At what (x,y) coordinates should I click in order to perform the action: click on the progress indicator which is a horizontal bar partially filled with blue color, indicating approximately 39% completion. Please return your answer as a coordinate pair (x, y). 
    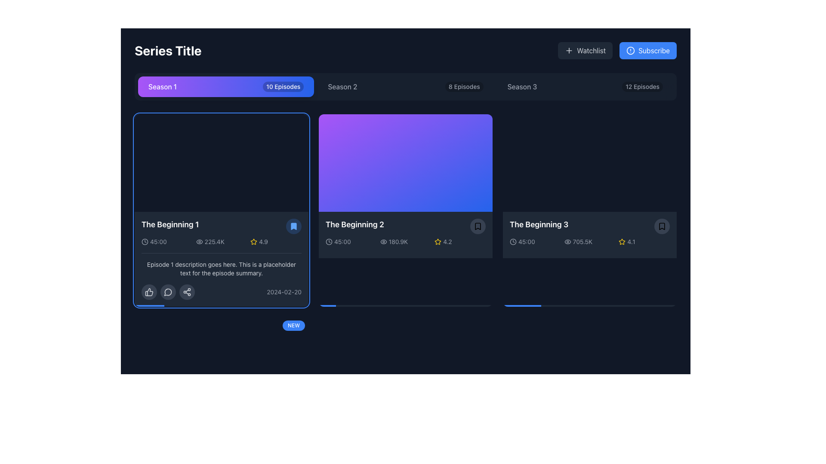
    Looking at the image, I should click on (168, 460).